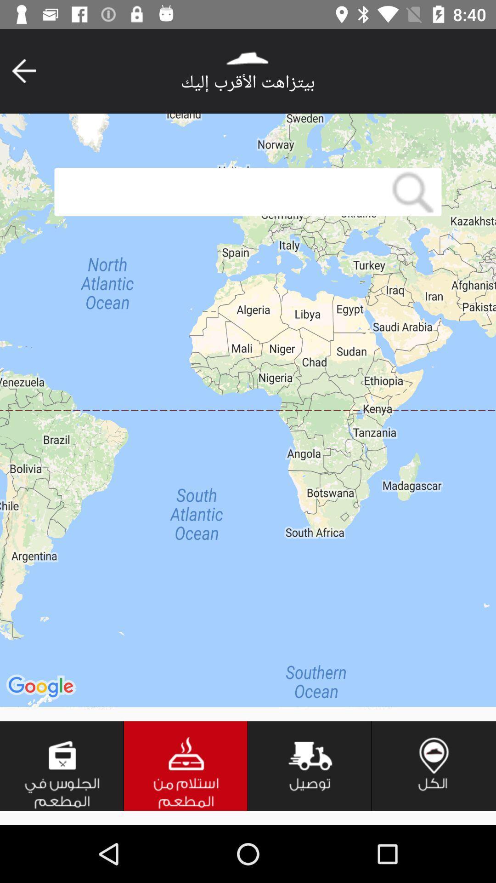  Describe the element at coordinates (23, 70) in the screenshot. I see `the arrow_backward icon` at that location.